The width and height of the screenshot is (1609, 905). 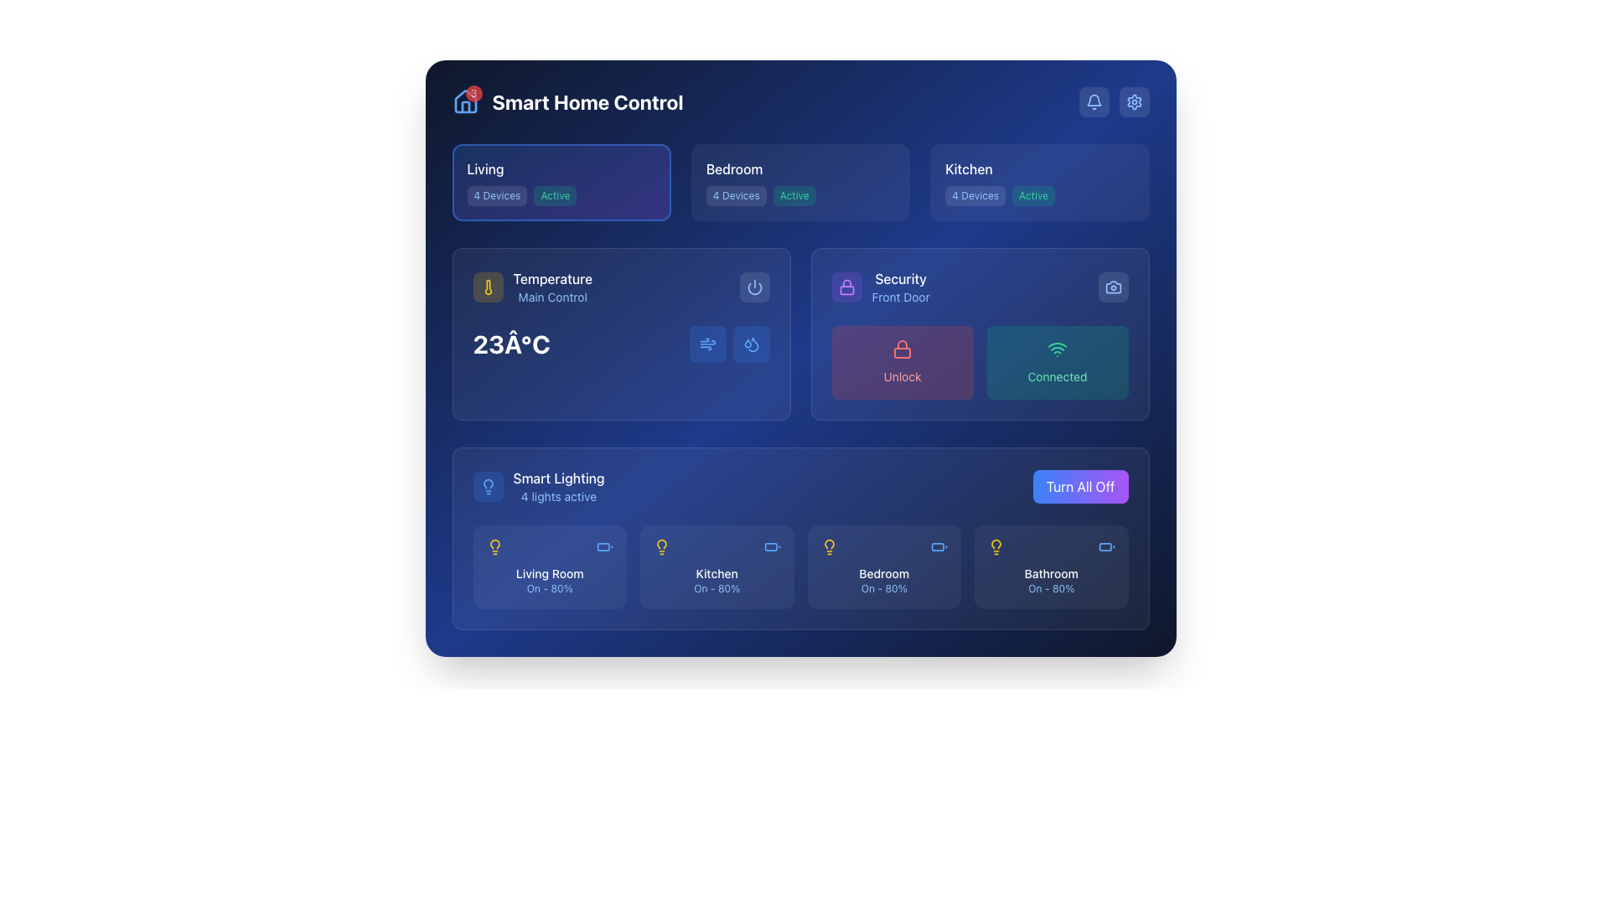 What do you see at coordinates (883, 587) in the screenshot?
I see `the text label displaying 'On - 80%' in a small, blue font located in the 'Bedroom' section of the 'Smart Lighting' panel` at bounding box center [883, 587].